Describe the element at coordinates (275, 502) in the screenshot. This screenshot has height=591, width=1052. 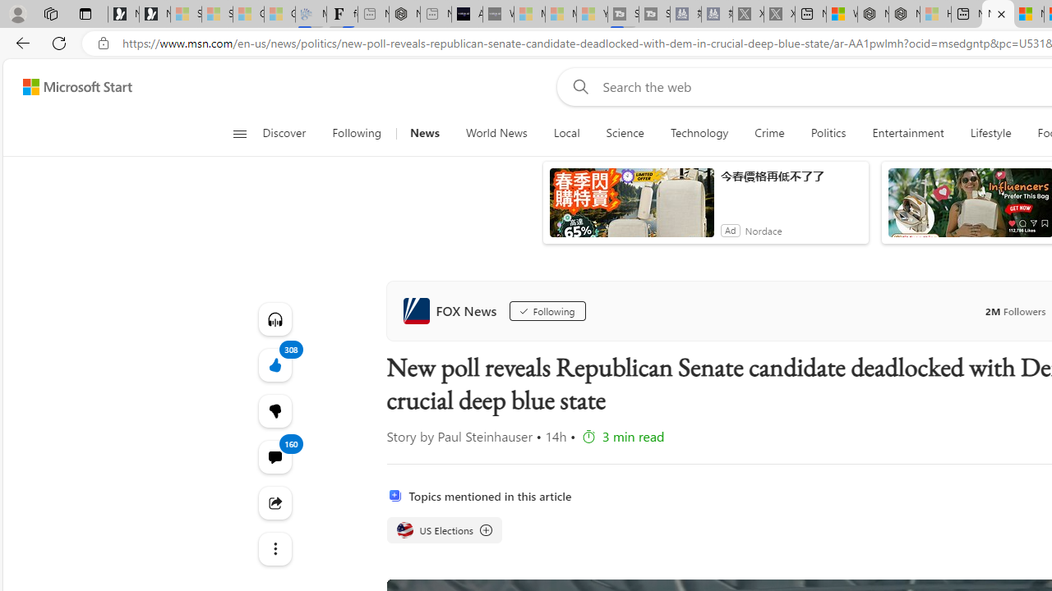
I see `'Share this story'` at that location.